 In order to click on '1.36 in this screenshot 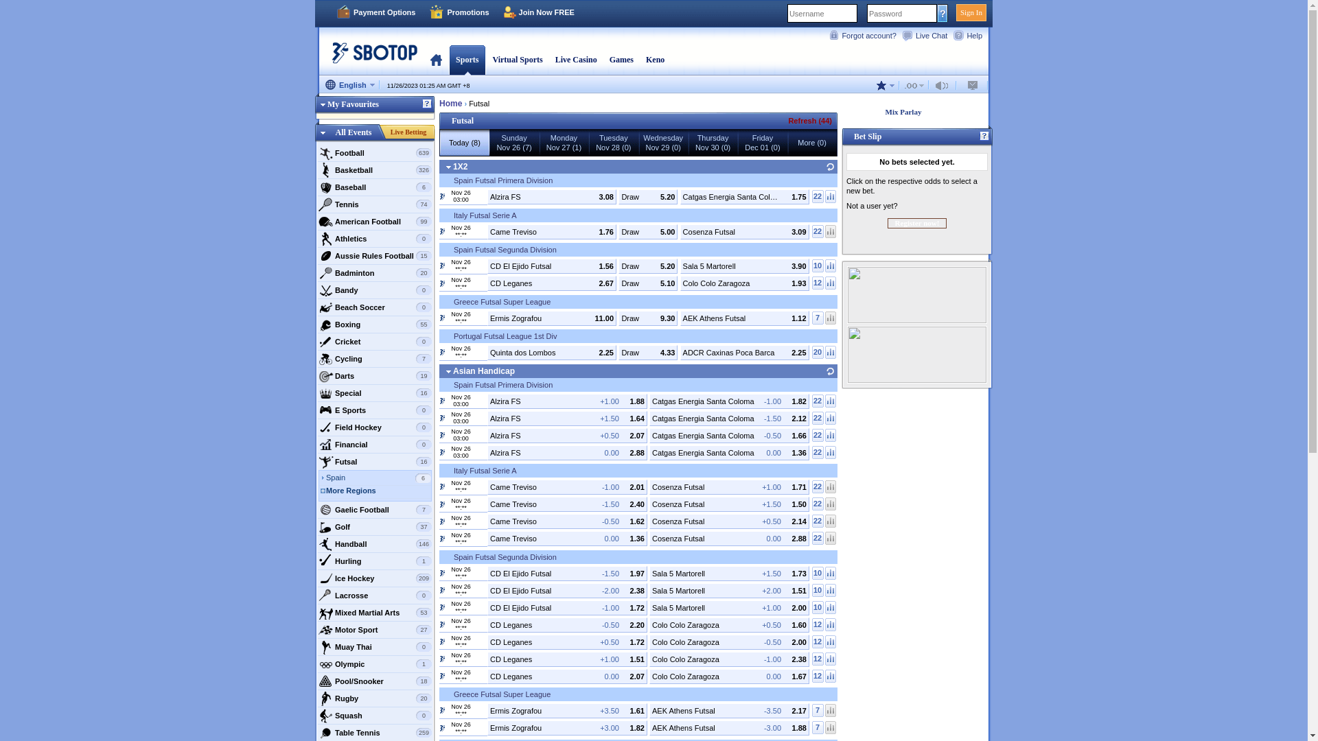, I will do `click(567, 538)`.